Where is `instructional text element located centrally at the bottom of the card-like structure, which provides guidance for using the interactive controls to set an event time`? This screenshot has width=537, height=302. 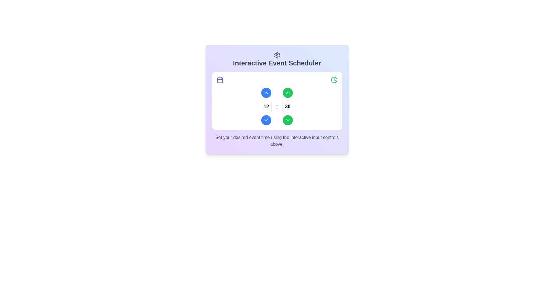 instructional text element located centrally at the bottom of the card-like structure, which provides guidance for using the interactive controls to set an event time is located at coordinates (277, 140).